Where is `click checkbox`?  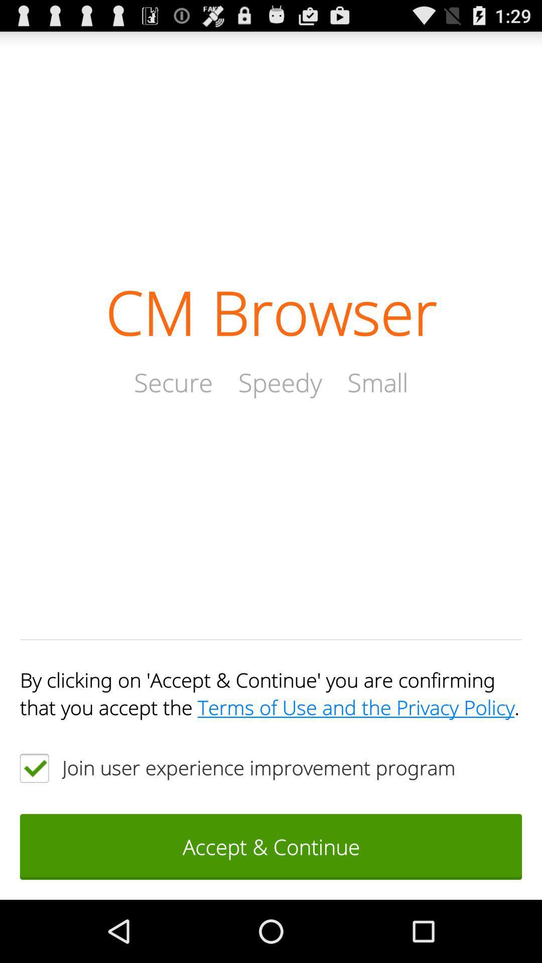 click checkbox is located at coordinates (34, 767).